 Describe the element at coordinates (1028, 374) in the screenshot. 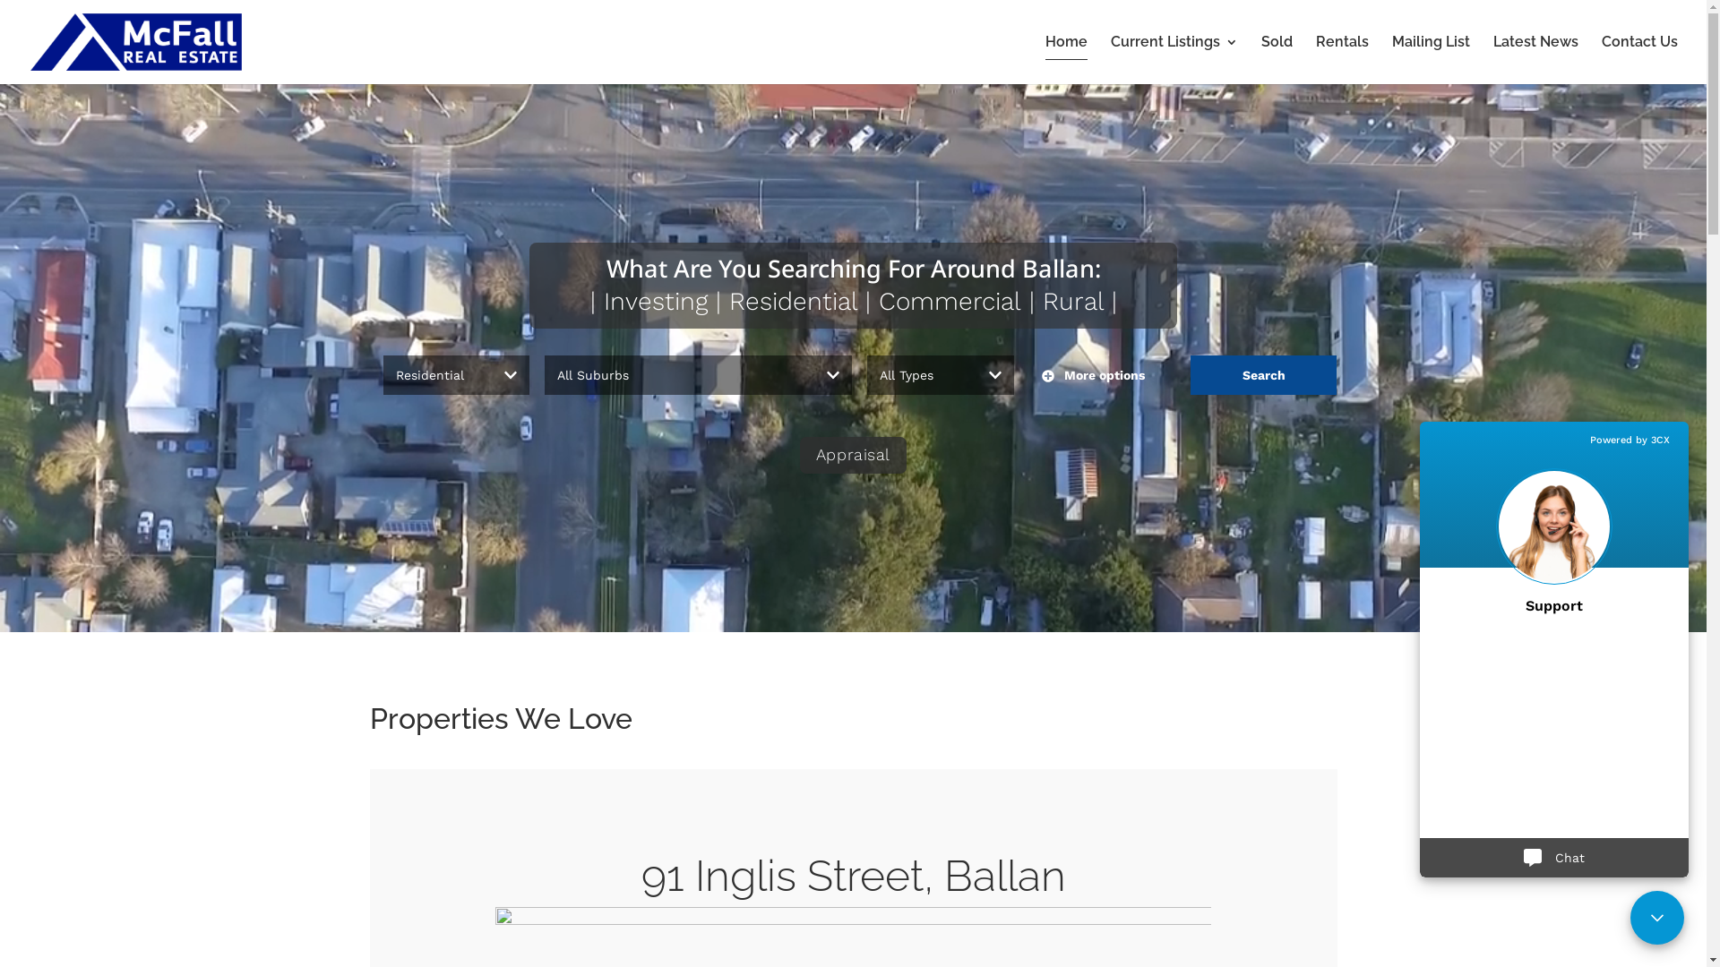

I see `'More options'` at that location.